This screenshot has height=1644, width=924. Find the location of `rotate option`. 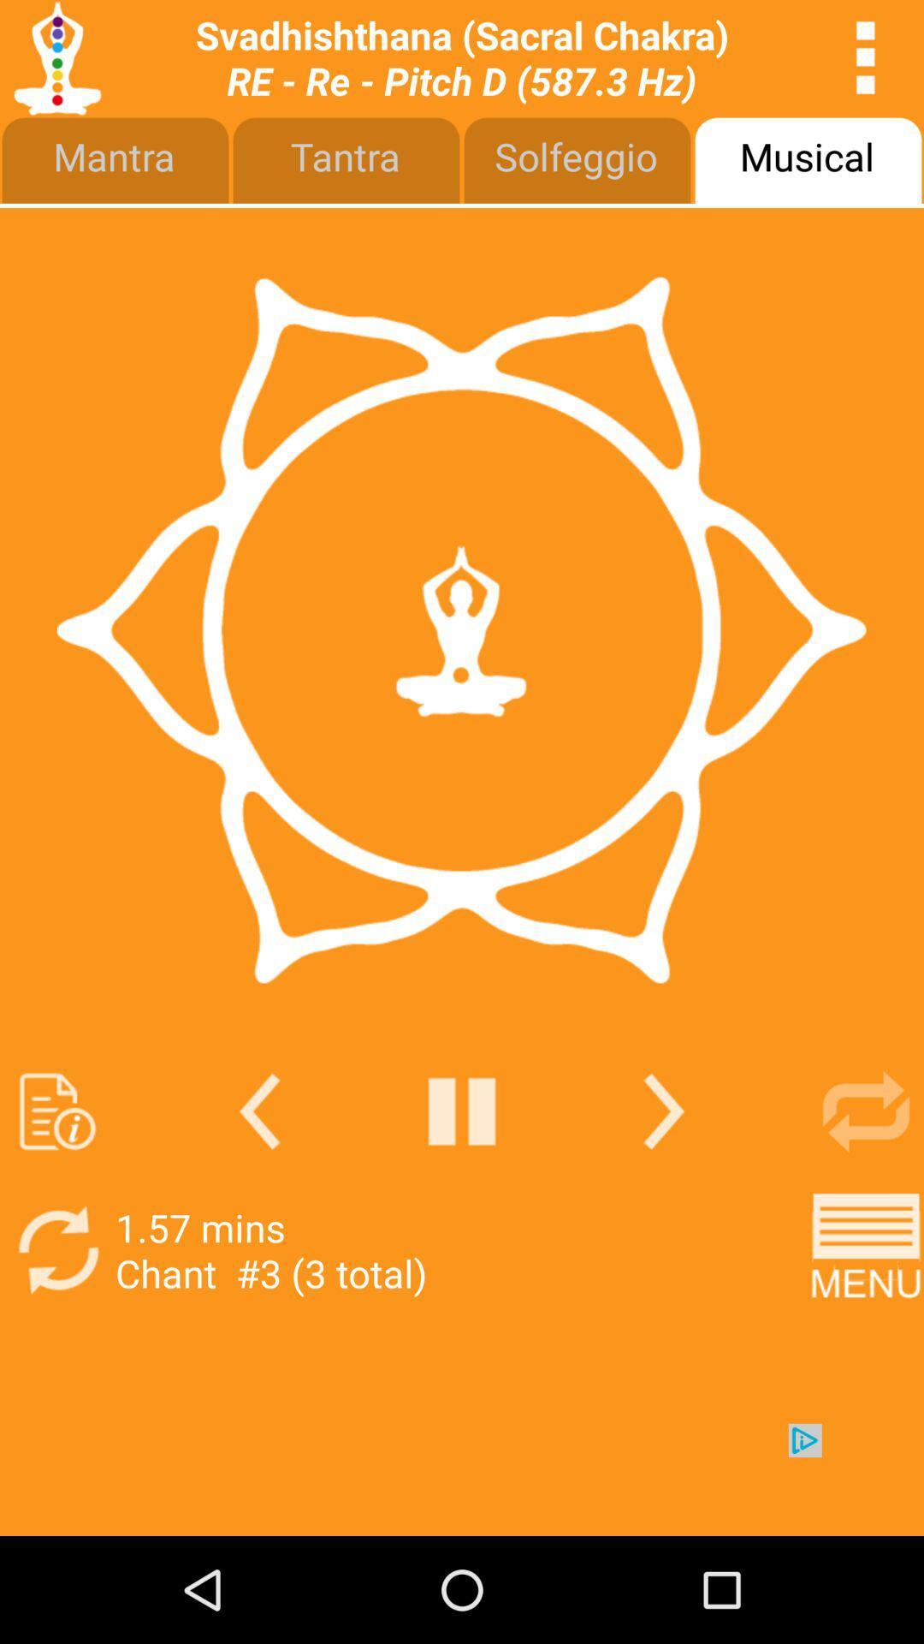

rotate option is located at coordinates (56, 1250).